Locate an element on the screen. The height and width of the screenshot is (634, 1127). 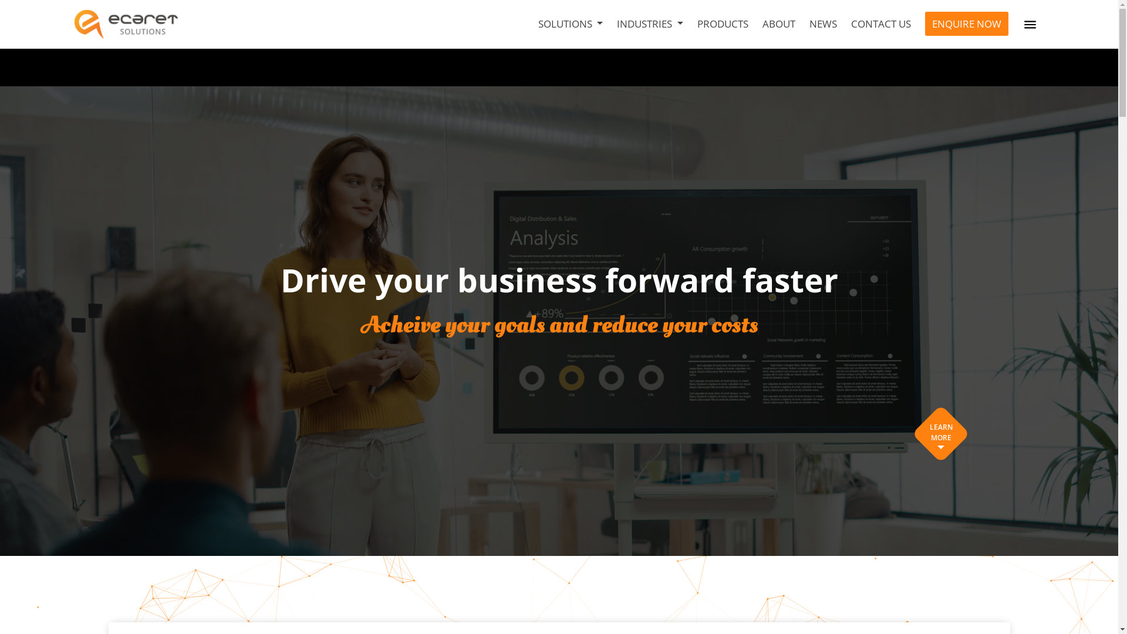
'ENQUIRE NOW' is located at coordinates (966, 24).